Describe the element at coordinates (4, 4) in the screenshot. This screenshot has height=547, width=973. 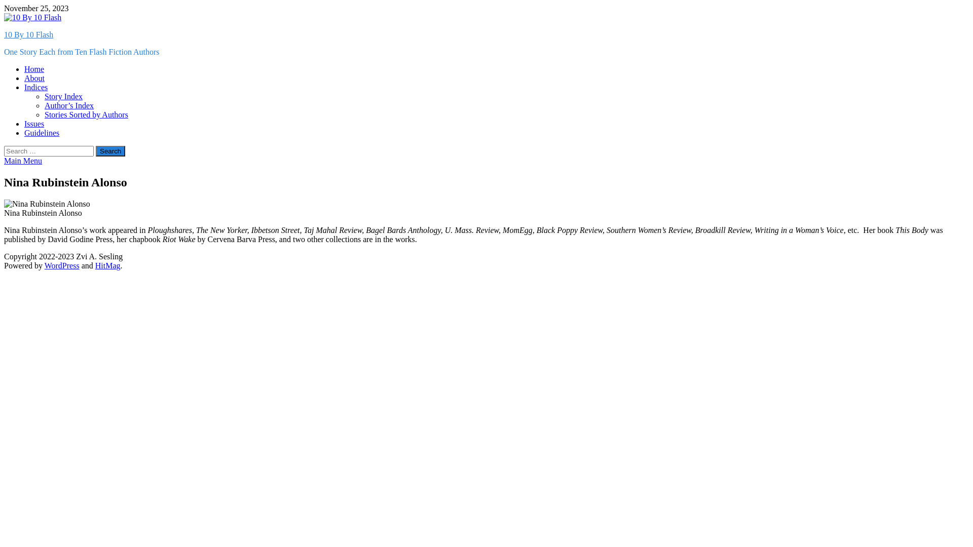
I see `'Skip to content'` at that location.